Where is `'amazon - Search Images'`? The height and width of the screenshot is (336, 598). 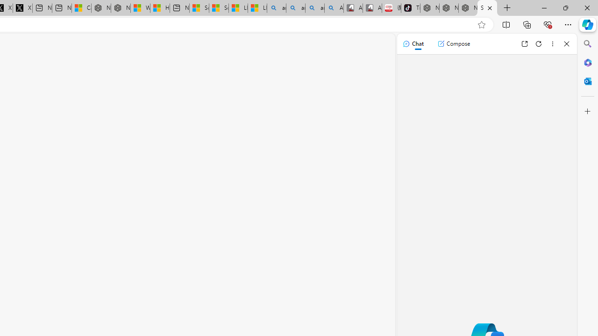 'amazon - Search Images' is located at coordinates (314, 8).